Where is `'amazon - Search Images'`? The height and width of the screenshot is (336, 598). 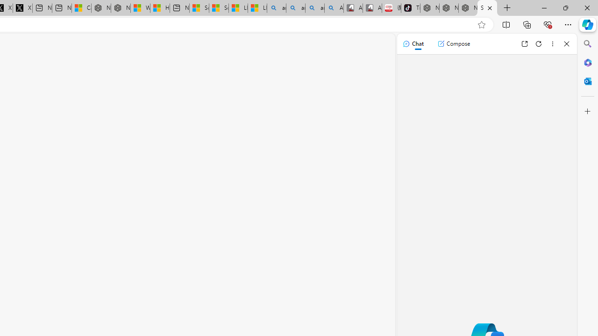 'amazon - Search Images' is located at coordinates (314, 8).